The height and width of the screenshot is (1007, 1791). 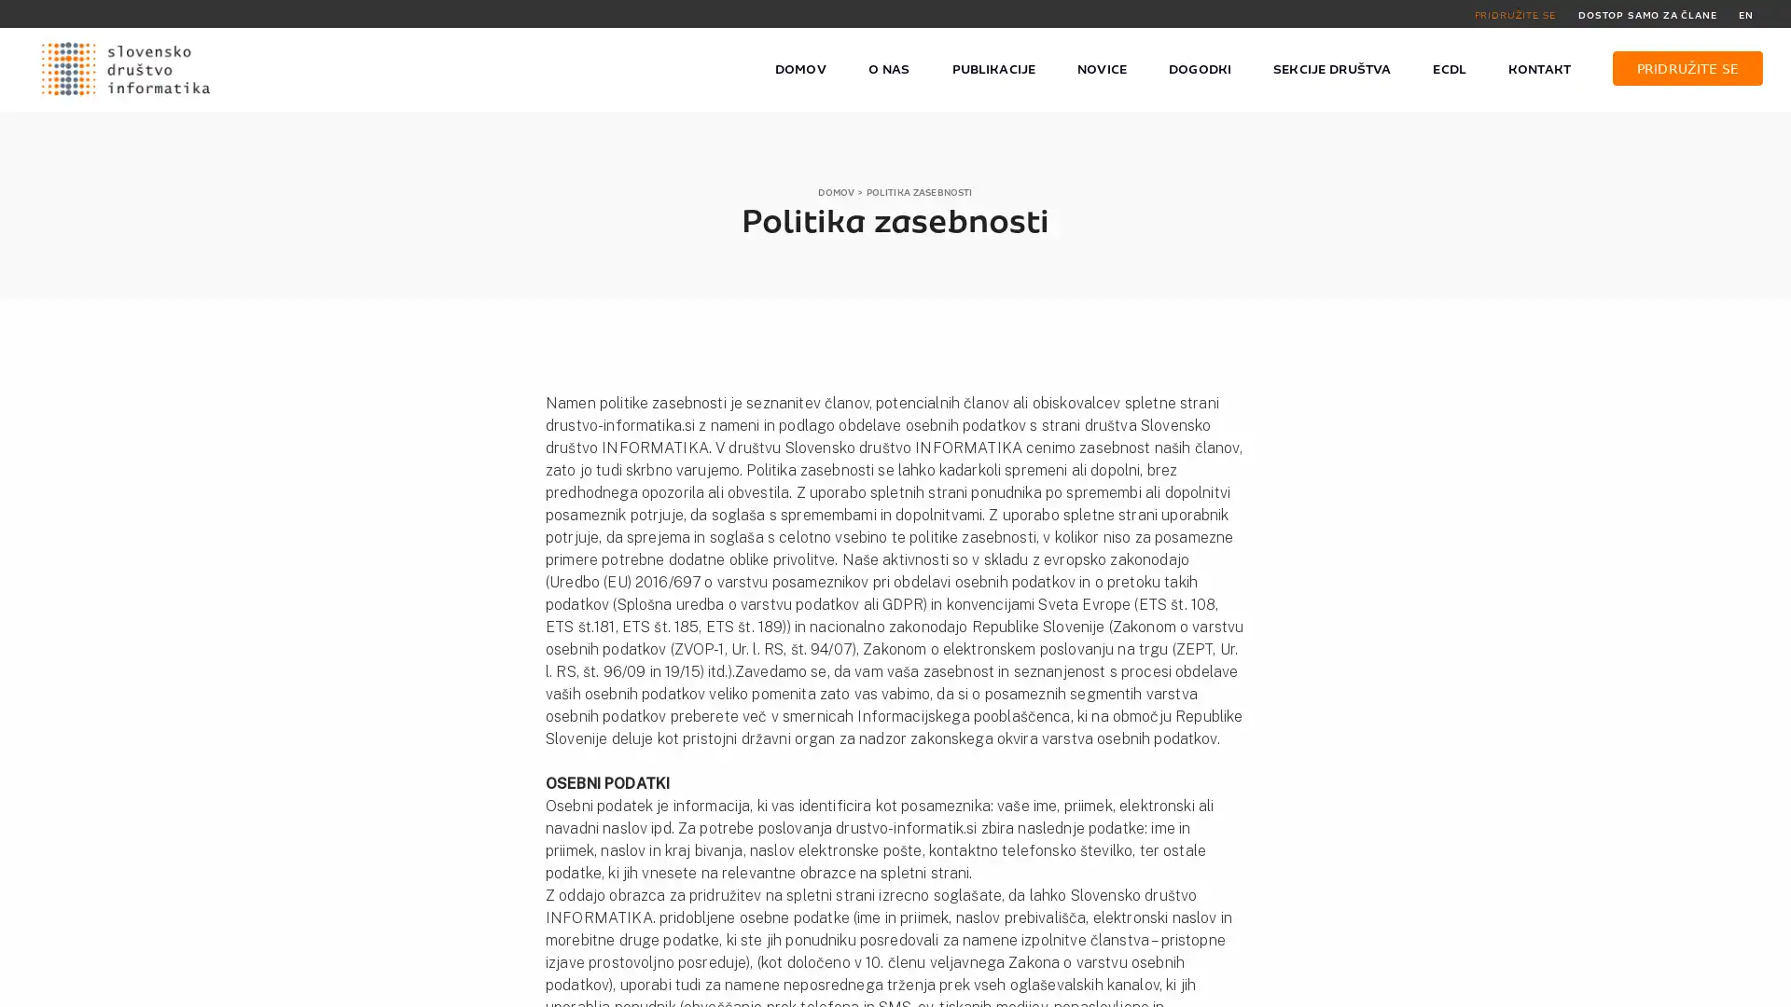 What do you see at coordinates (1200, 982) in the screenshot?
I see `Sprejmi piskotke` at bounding box center [1200, 982].